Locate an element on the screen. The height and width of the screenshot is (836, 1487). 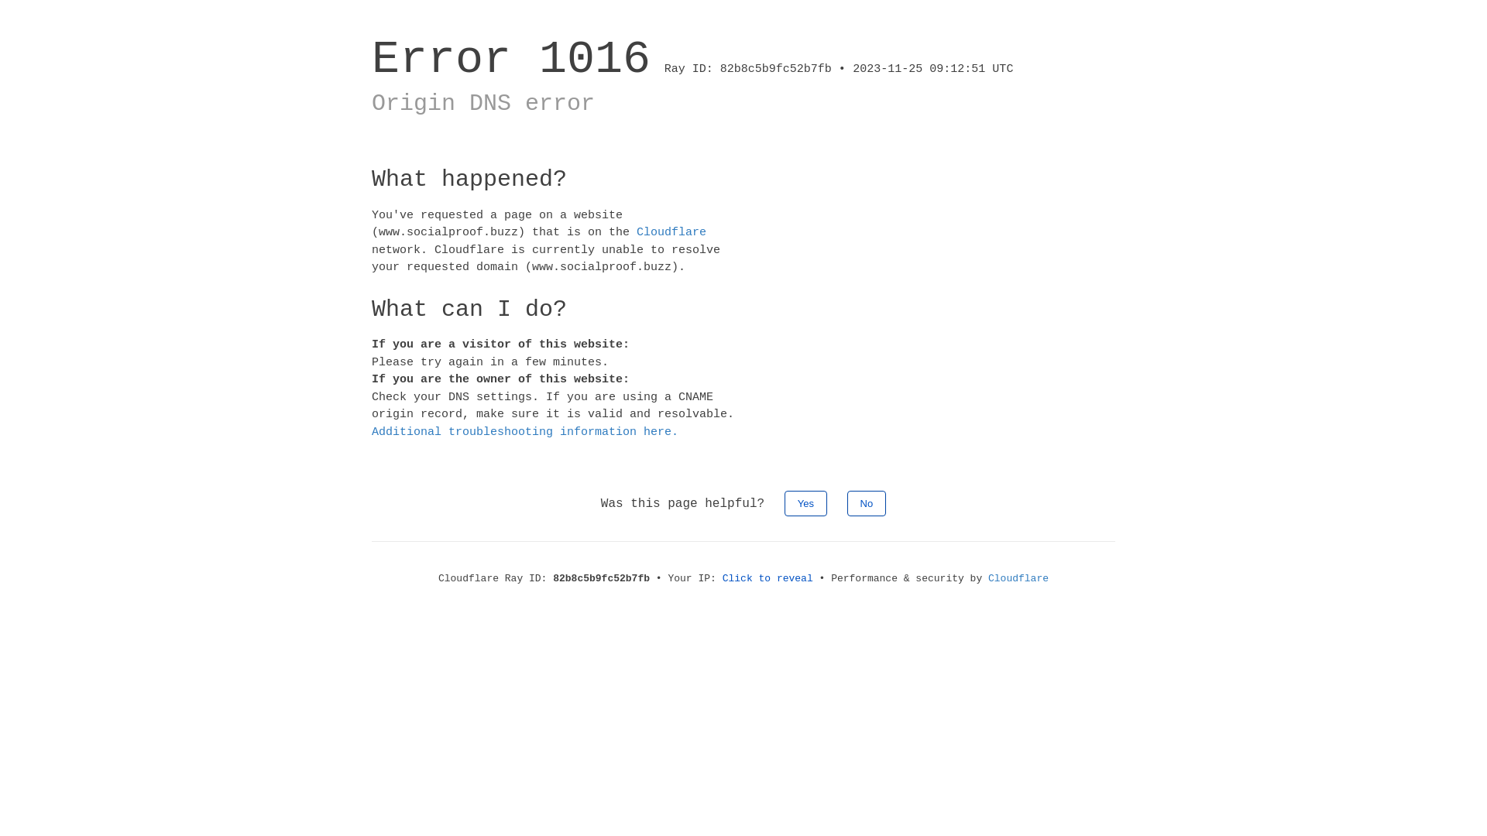
'Yes' is located at coordinates (805, 503).